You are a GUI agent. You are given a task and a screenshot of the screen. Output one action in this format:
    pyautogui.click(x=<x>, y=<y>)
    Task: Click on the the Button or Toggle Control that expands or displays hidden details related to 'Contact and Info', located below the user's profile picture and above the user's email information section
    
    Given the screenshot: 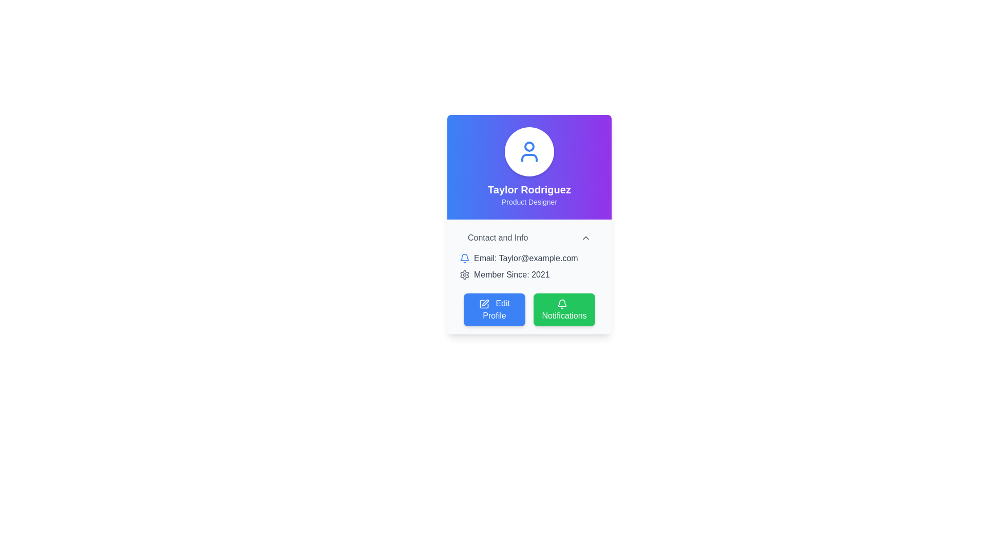 What is the action you would take?
    pyautogui.click(x=529, y=238)
    